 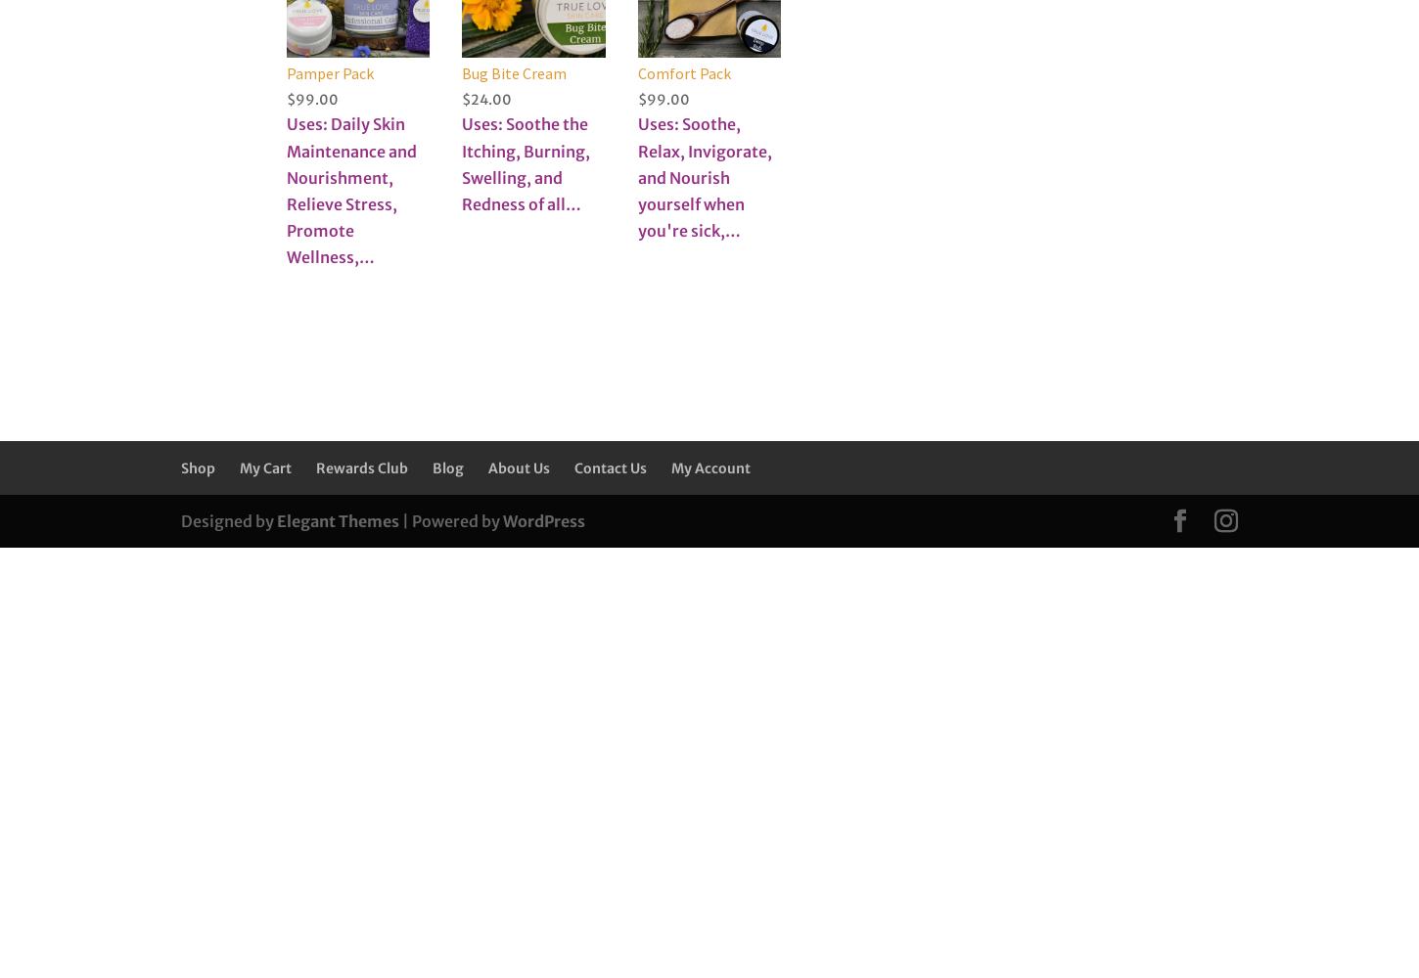 I want to click on 'Blog', so click(x=447, y=467).